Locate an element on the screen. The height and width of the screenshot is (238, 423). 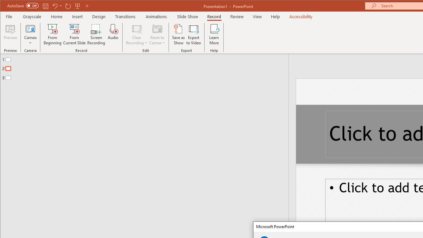
'Screen Recording' is located at coordinates (96, 34).